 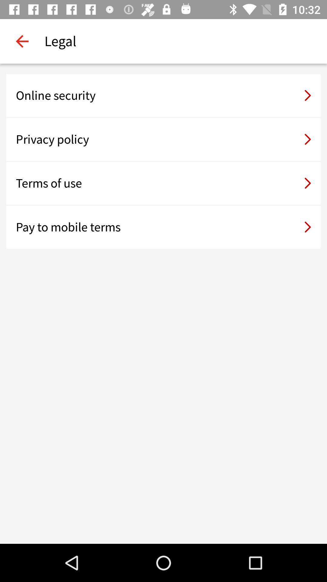 I want to click on the icon to the left of the legal app, so click(x=22, y=41).